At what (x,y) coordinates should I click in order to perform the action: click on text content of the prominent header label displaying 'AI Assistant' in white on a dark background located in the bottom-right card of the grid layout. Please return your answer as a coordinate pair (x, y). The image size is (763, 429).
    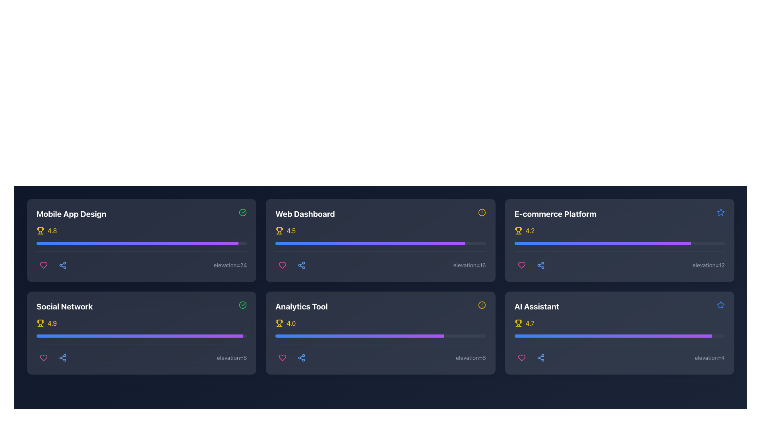
    Looking at the image, I should click on (537, 306).